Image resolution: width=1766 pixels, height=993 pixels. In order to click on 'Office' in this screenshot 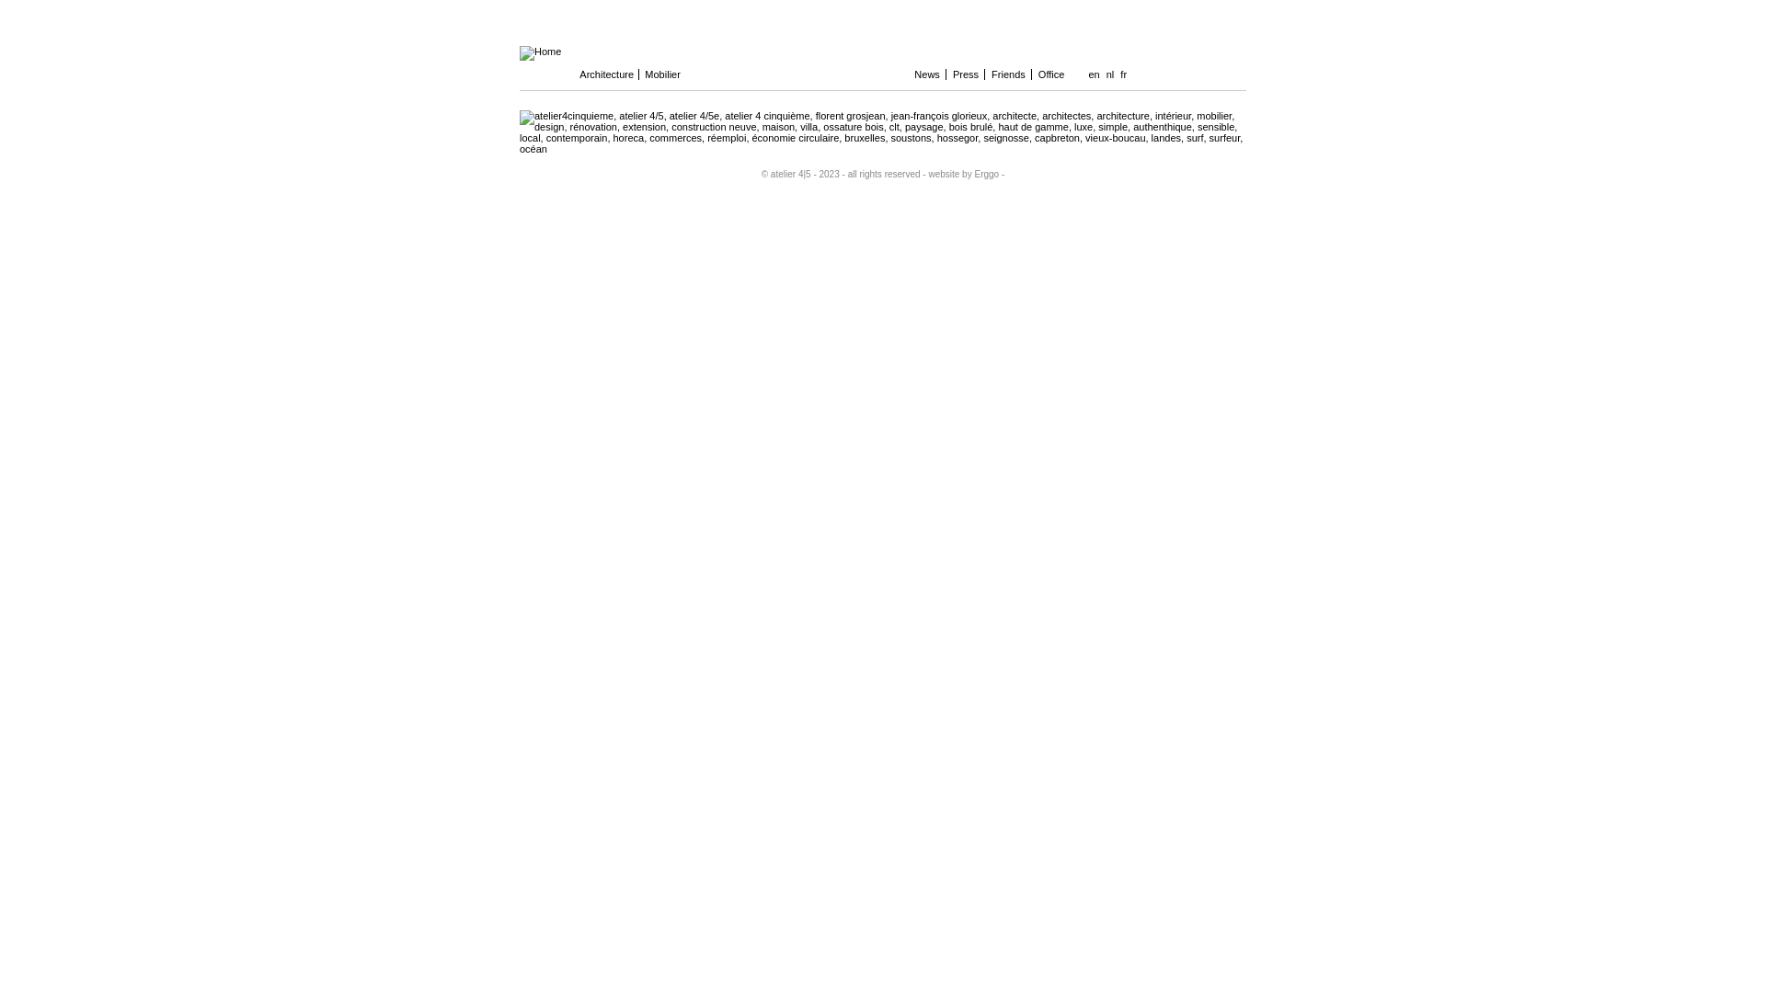, I will do `click(1052, 74)`.